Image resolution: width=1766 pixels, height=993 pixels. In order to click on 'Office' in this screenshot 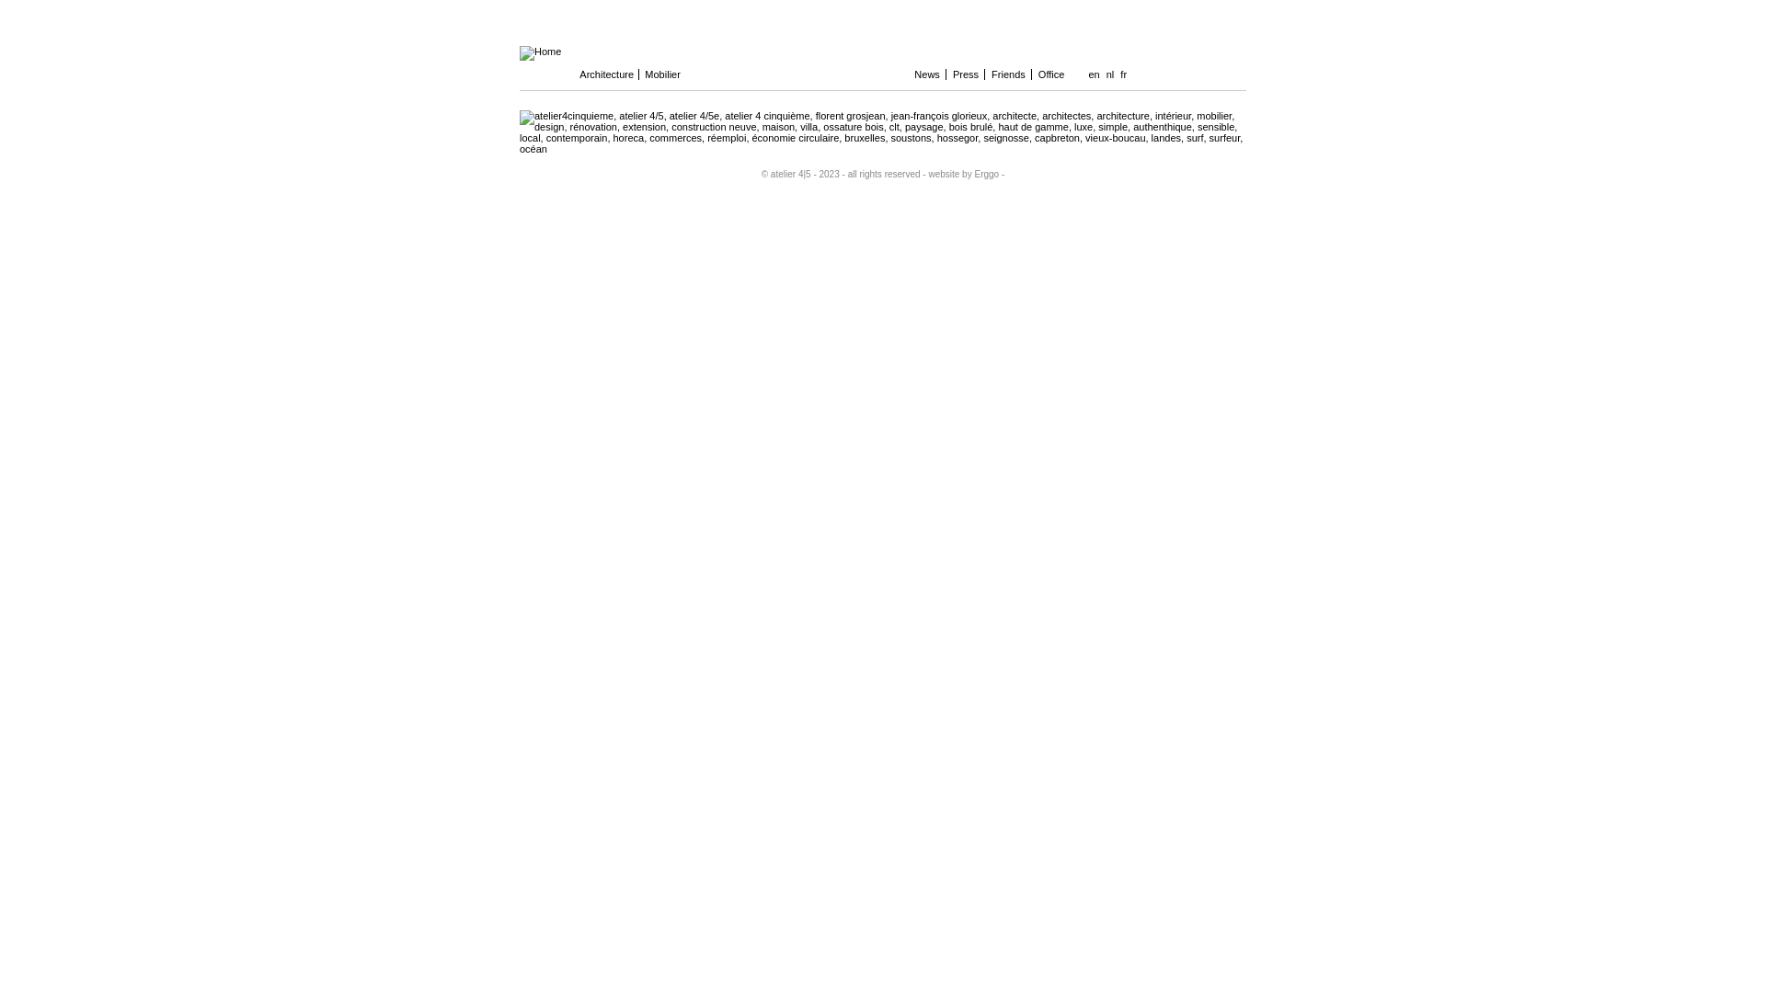, I will do `click(1052, 74)`.